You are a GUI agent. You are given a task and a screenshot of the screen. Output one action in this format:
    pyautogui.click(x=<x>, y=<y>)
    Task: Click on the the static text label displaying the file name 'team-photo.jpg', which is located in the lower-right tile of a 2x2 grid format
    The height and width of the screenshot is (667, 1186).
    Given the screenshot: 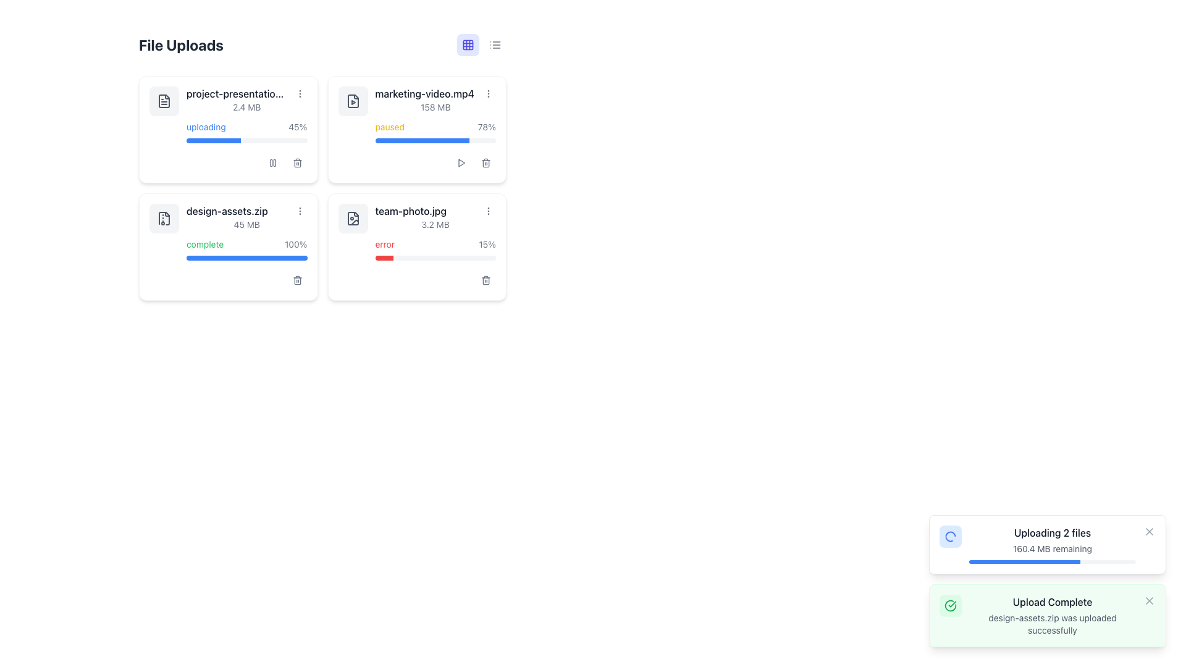 What is the action you would take?
    pyautogui.click(x=411, y=211)
    